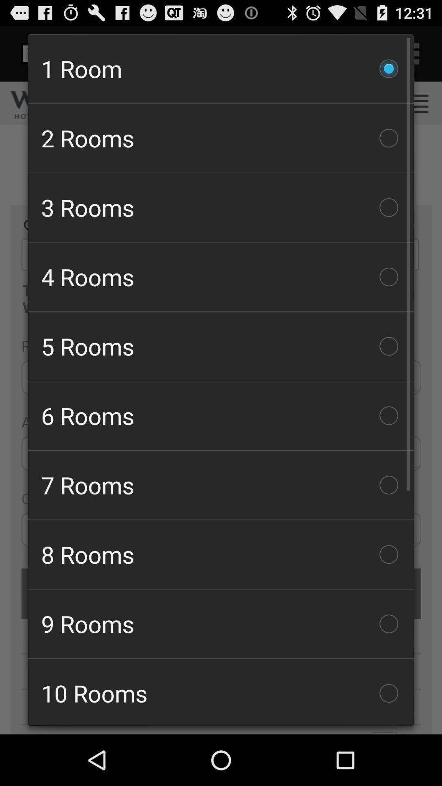 This screenshot has height=786, width=442. I want to click on checkbox above the 9 rooms item, so click(221, 554).